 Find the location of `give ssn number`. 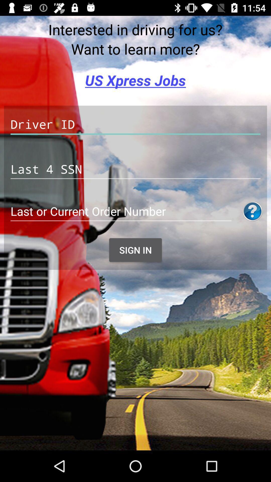

give ssn number is located at coordinates (135, 169).